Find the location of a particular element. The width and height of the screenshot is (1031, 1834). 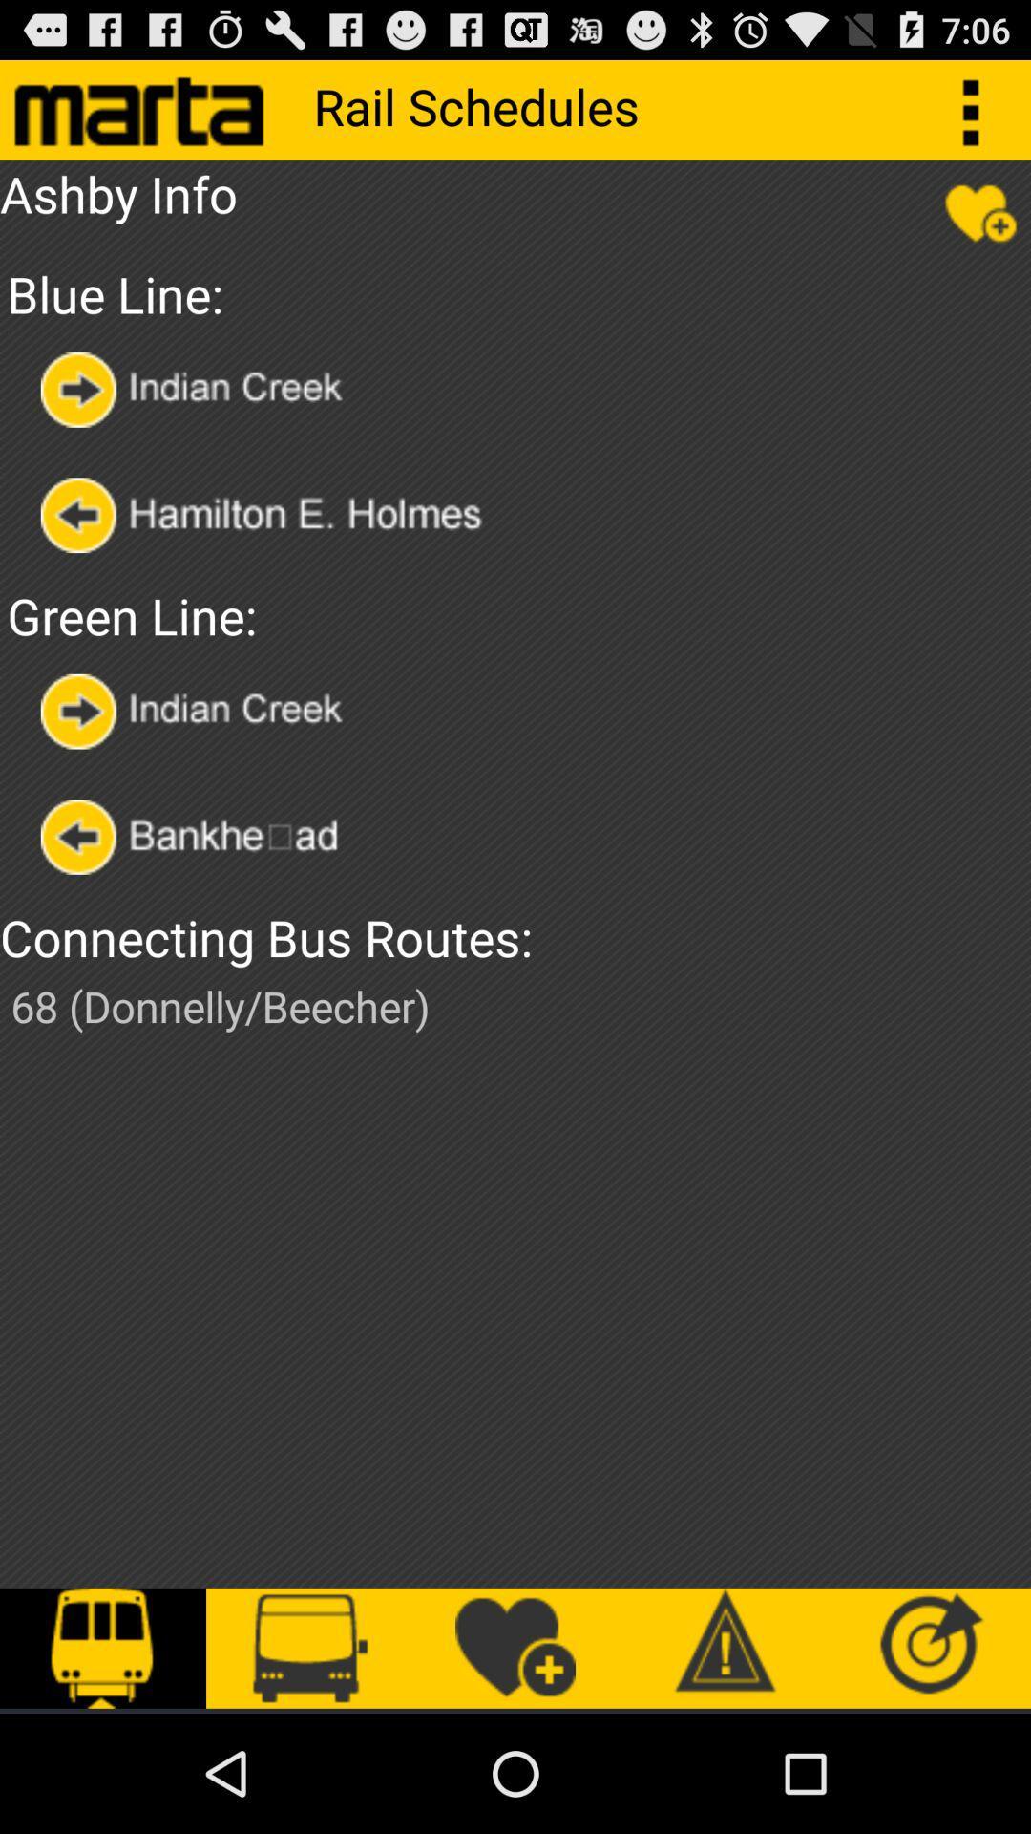

hamiliton e. holmes section is located at coordinates (288, 515).